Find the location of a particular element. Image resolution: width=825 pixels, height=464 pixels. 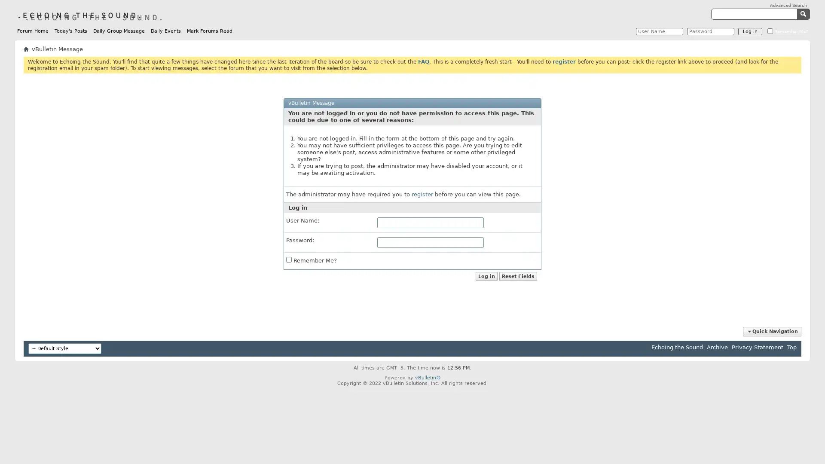

Reset Fields is located at coordinates (517, 276).